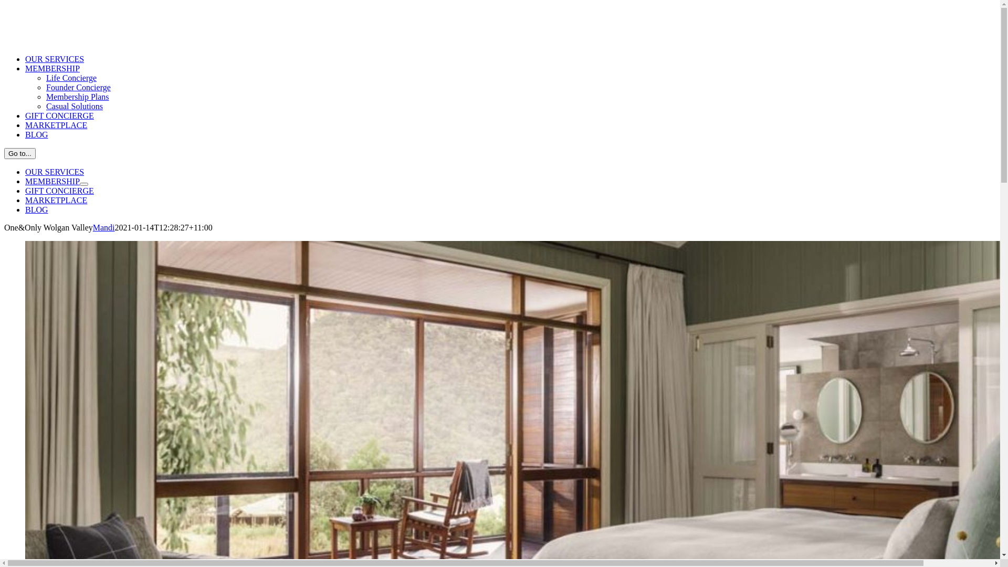 Image resolution: width=1008 pixels, height=567 pixels. Describe the element at coordinates (55, 200) in the screenshot. I see `'MARKETPLACE'` at that location.